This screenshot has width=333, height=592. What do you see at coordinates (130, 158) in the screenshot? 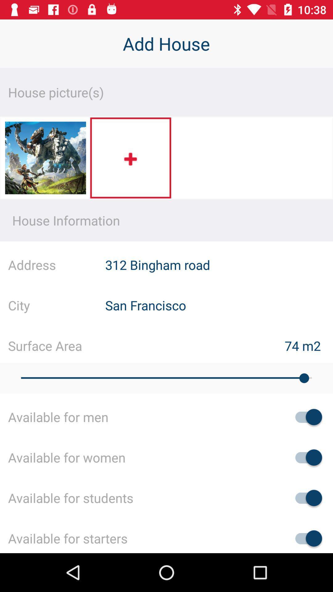
I see `picture` at bounding box center [130, 158].